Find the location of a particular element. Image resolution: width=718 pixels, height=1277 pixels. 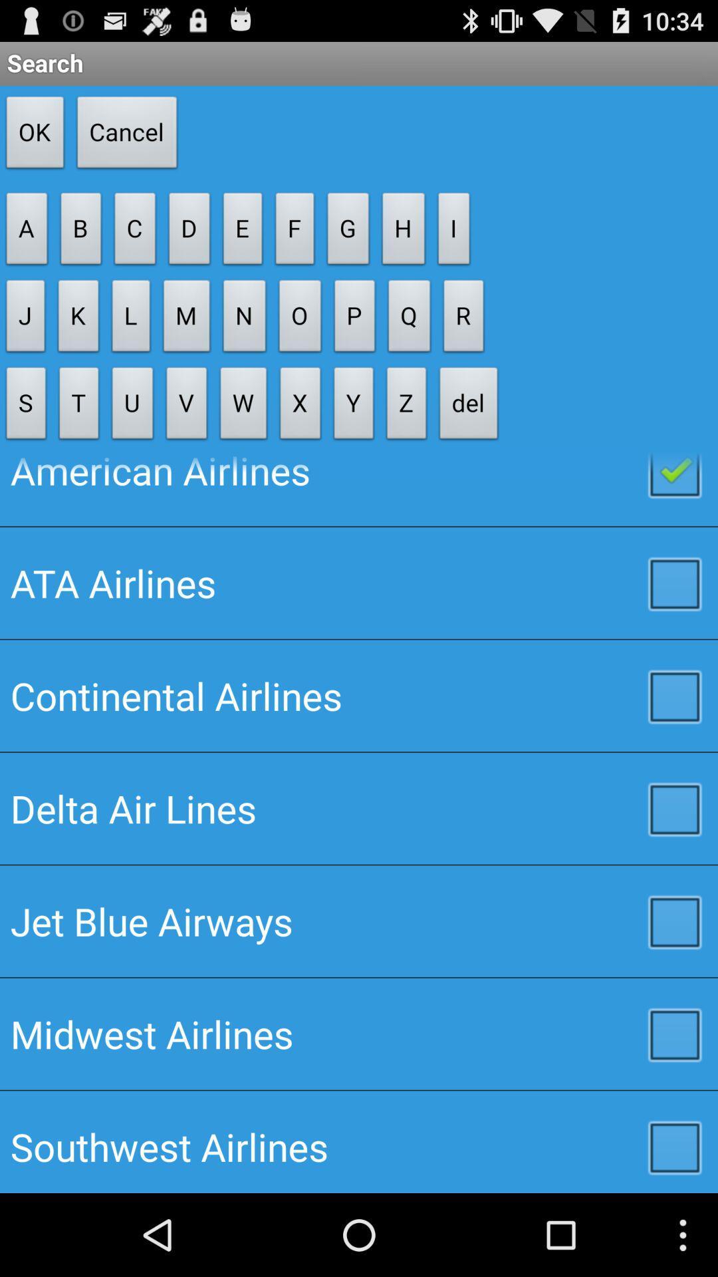

the american airlines item is located at coordinates (359, 488).